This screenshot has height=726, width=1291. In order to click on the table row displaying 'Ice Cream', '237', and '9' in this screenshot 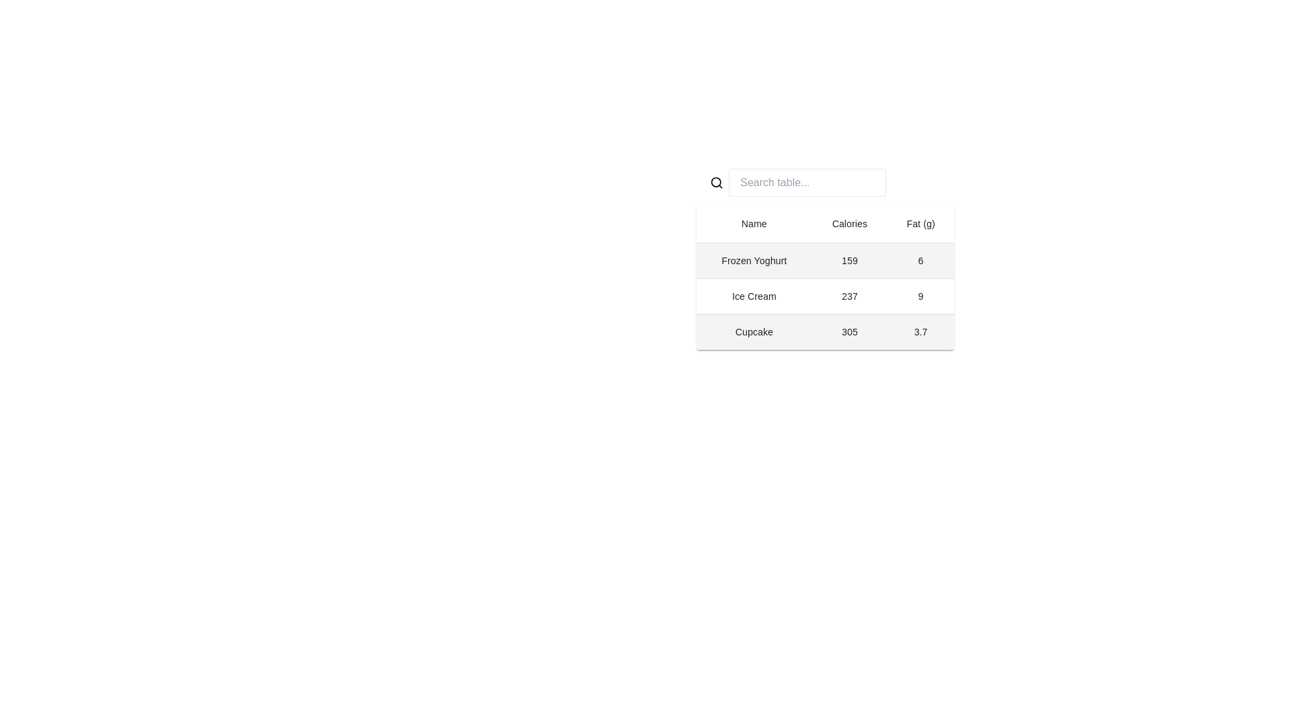, I will do `click(824, 296)`.